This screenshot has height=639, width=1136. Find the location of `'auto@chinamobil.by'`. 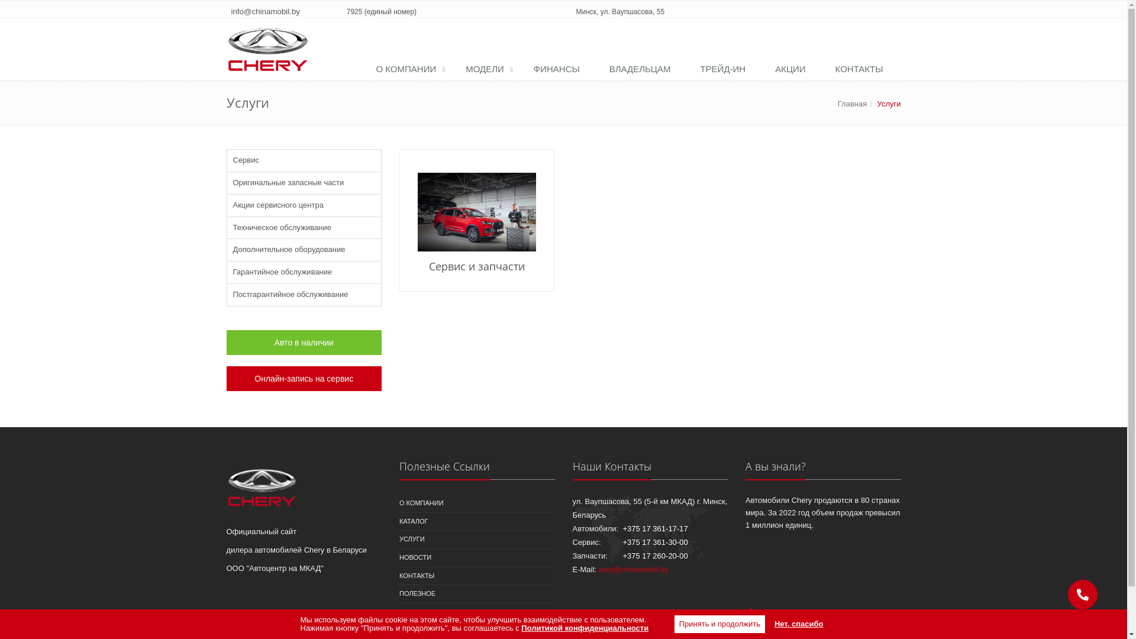

'auto@chinamobil.by' is located at coordinates (599, 569).